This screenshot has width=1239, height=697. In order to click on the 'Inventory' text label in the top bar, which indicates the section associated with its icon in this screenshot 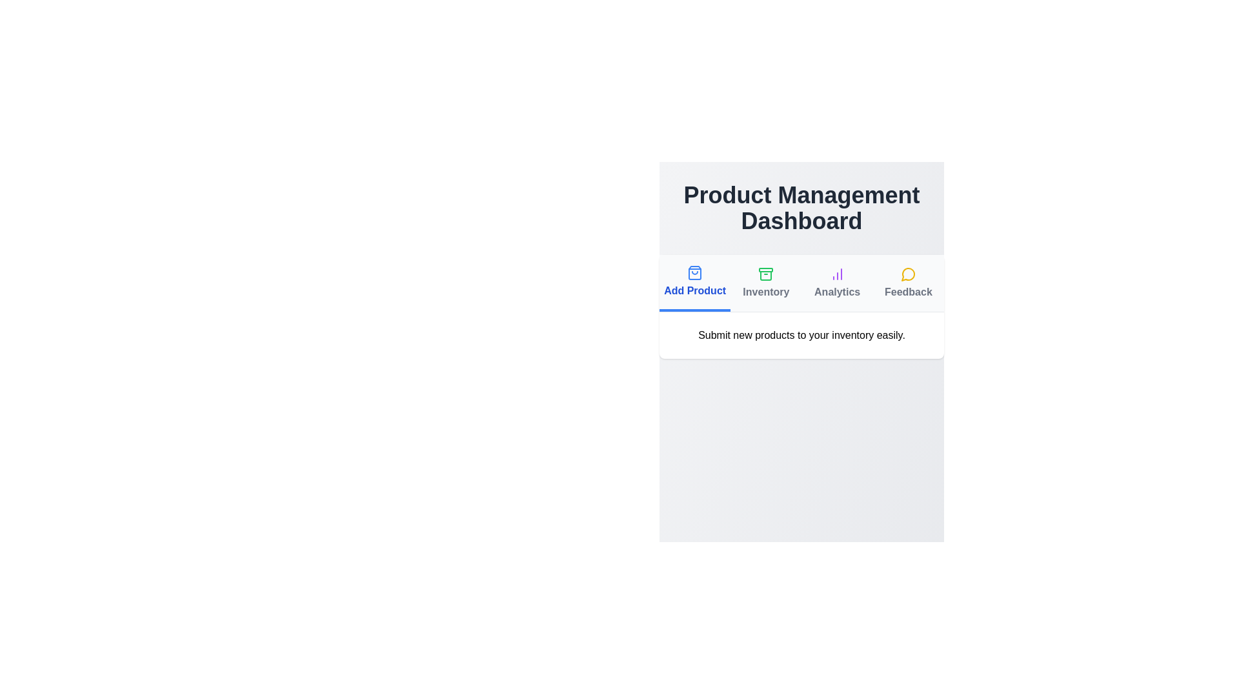, I will do `click(766, 292)`.